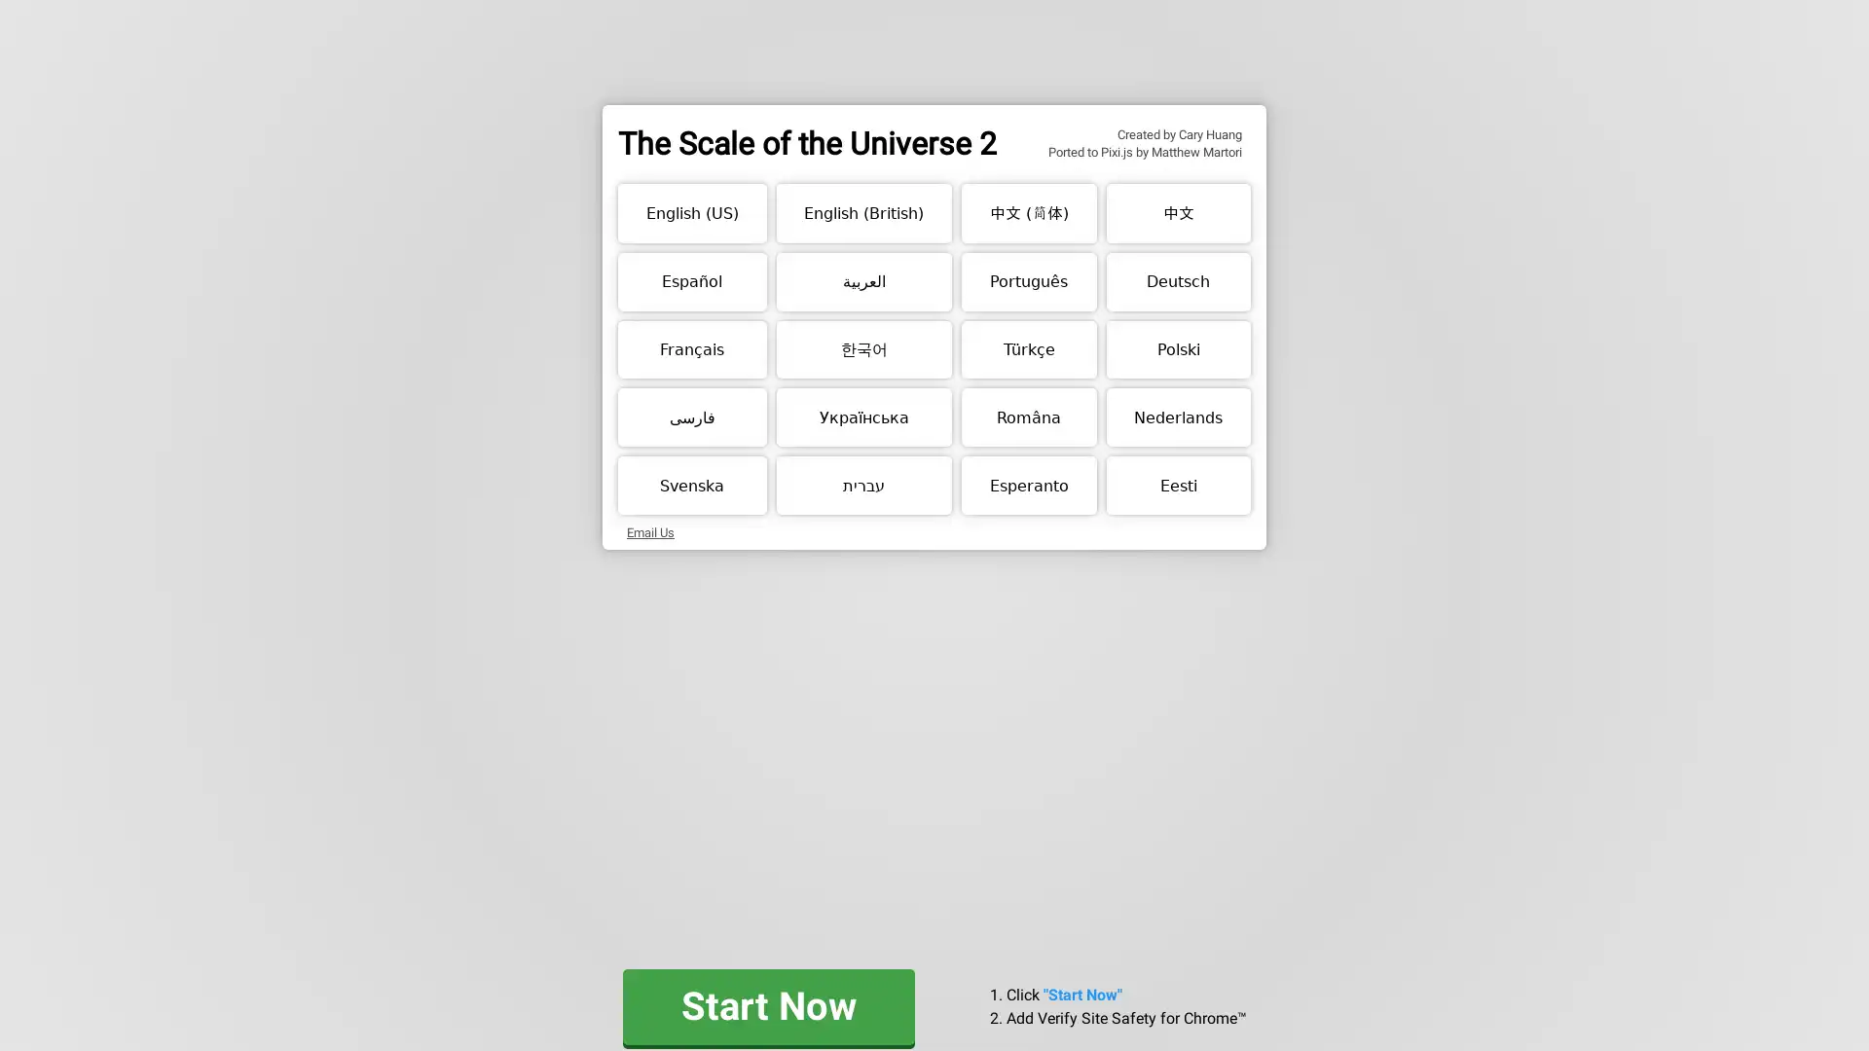 This screenshot has width=1869, height=1051. Describe the element at coordinates (1177, 416) in the screenshot. I see `Nederlands` at that location.